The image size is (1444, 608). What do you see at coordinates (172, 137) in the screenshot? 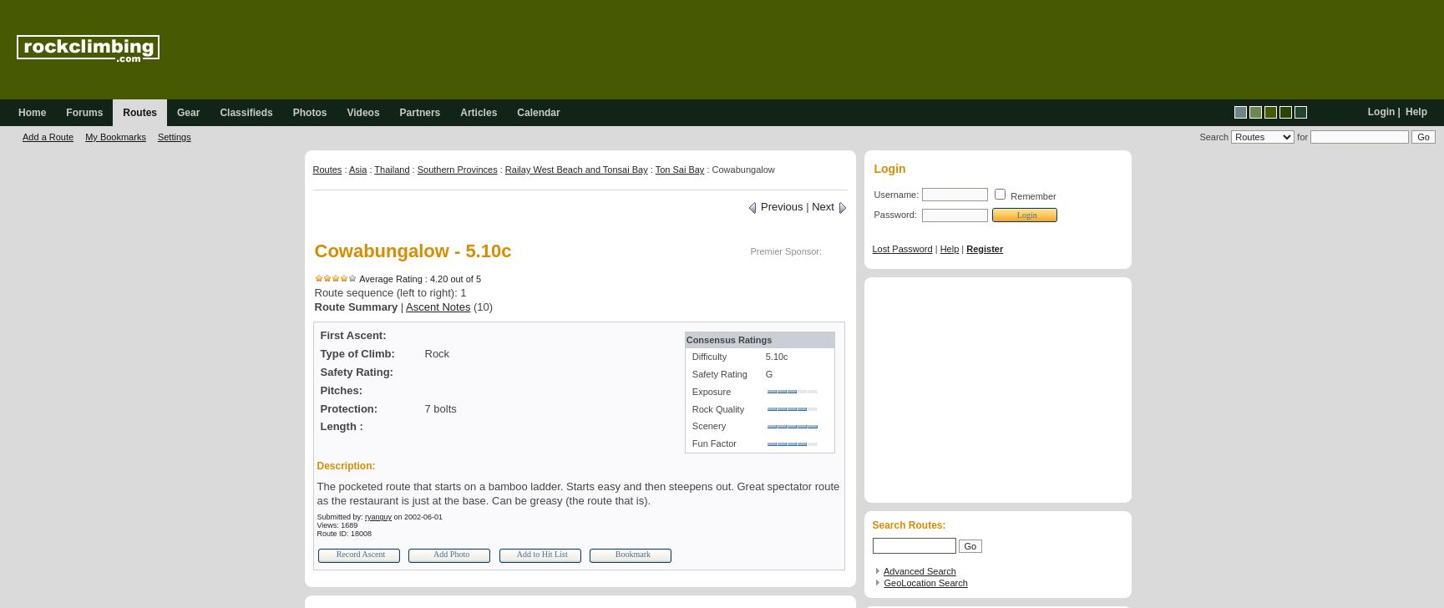
I see `'Settings'` at bounding box center [172, 137].